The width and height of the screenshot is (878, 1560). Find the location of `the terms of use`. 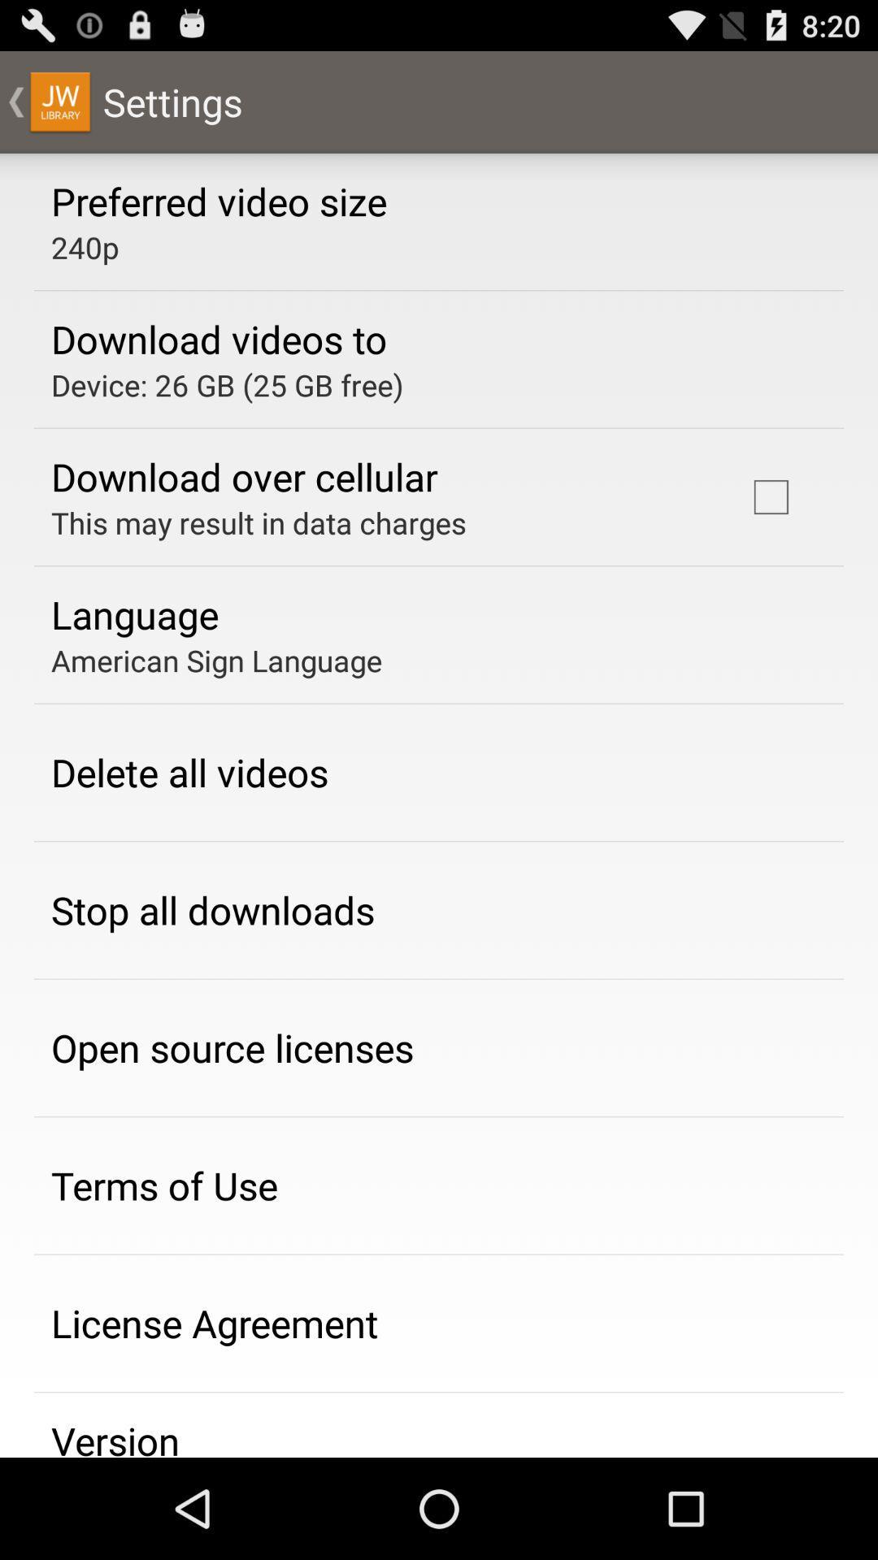

the terms of use is located at coordinates (164, 1185).